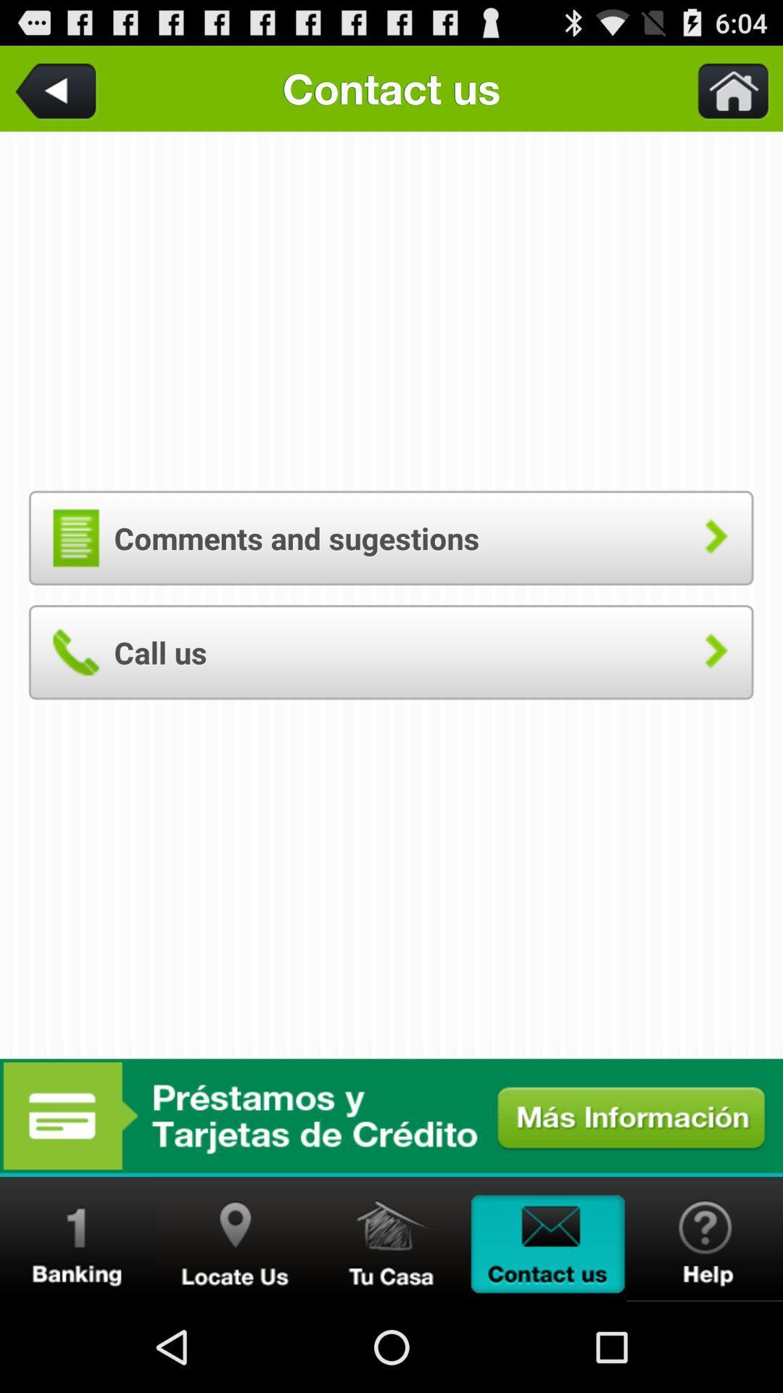 This screenshot has width=783, height=1393. Describe the element at coordinates (58, 94) in the screenshot. I see `the arrow_backward icon` at that location.